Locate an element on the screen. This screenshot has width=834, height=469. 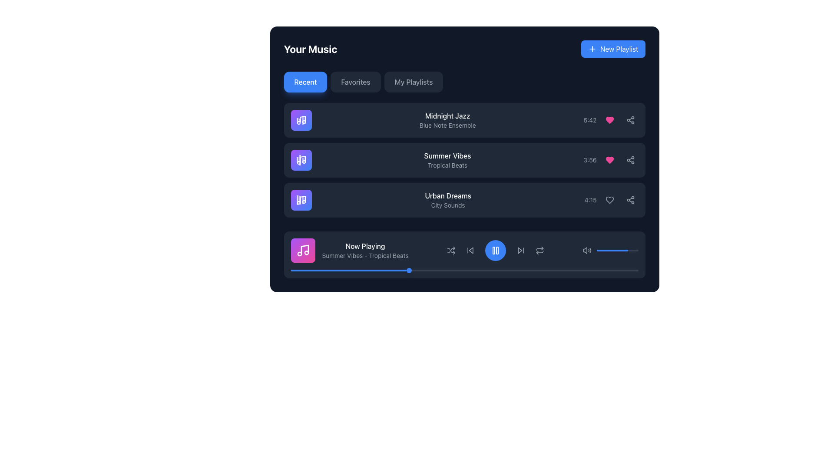
the fourth circular button in the media controls section, which acts as the pause button, to observe the visual feedback indicating interaction is located at coordinates (496, 251).